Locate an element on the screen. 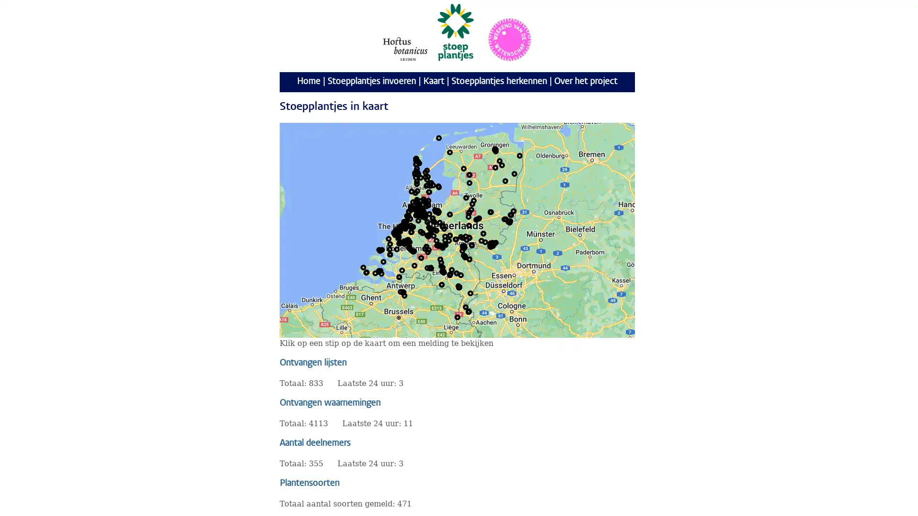 The height and width of the screenshot is (516, 918). Telling van C.van hoften op 05 november 2021 is located at coordinates (470, 237).